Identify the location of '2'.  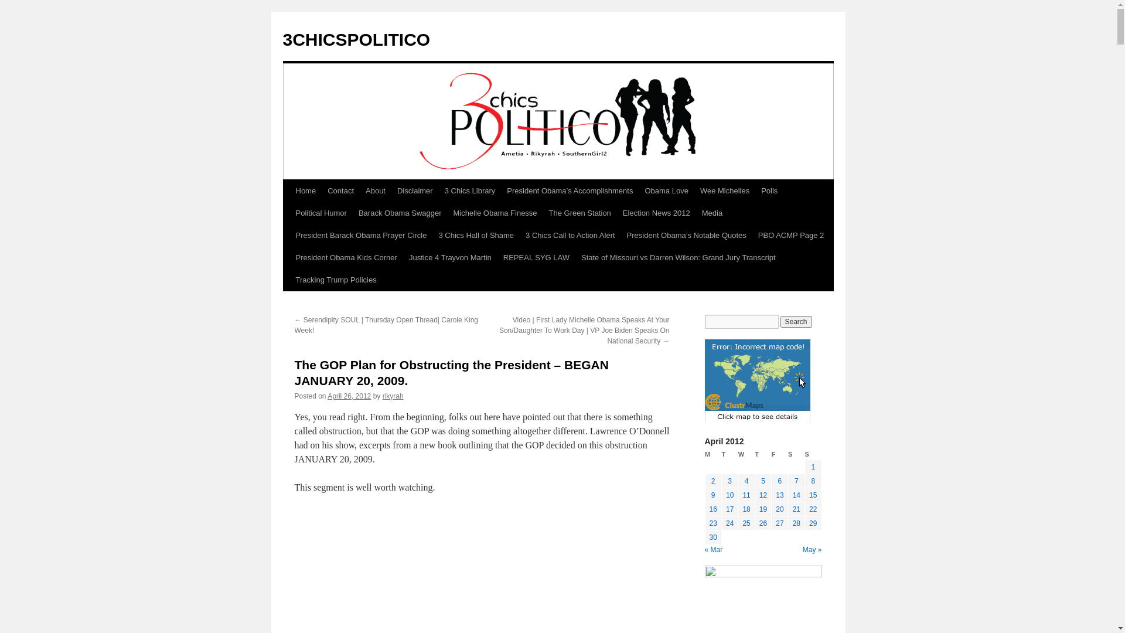
(712, 481).